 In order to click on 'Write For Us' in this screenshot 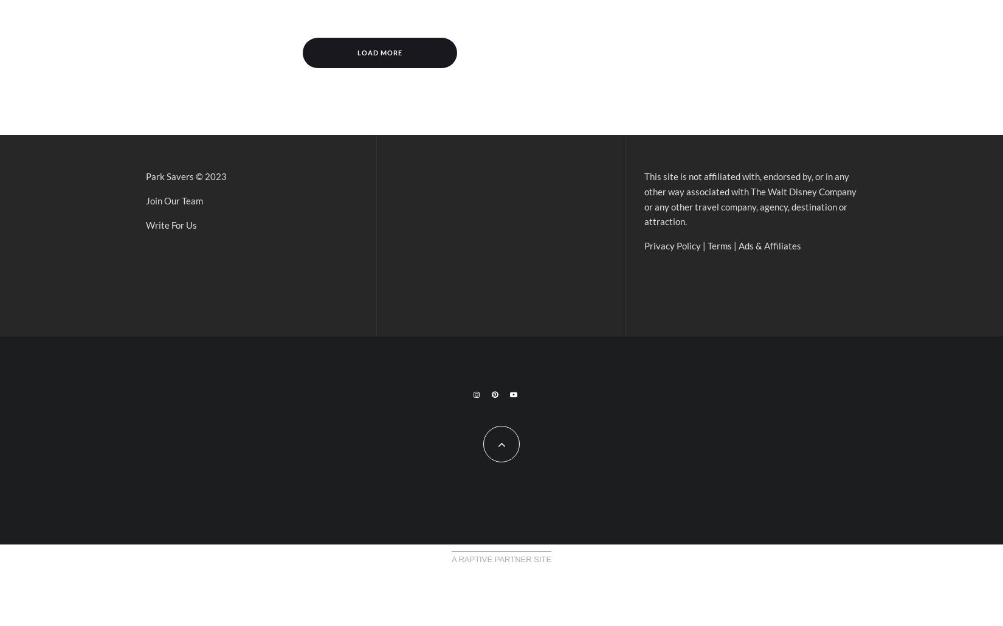, I will do `click(171, 224)`.